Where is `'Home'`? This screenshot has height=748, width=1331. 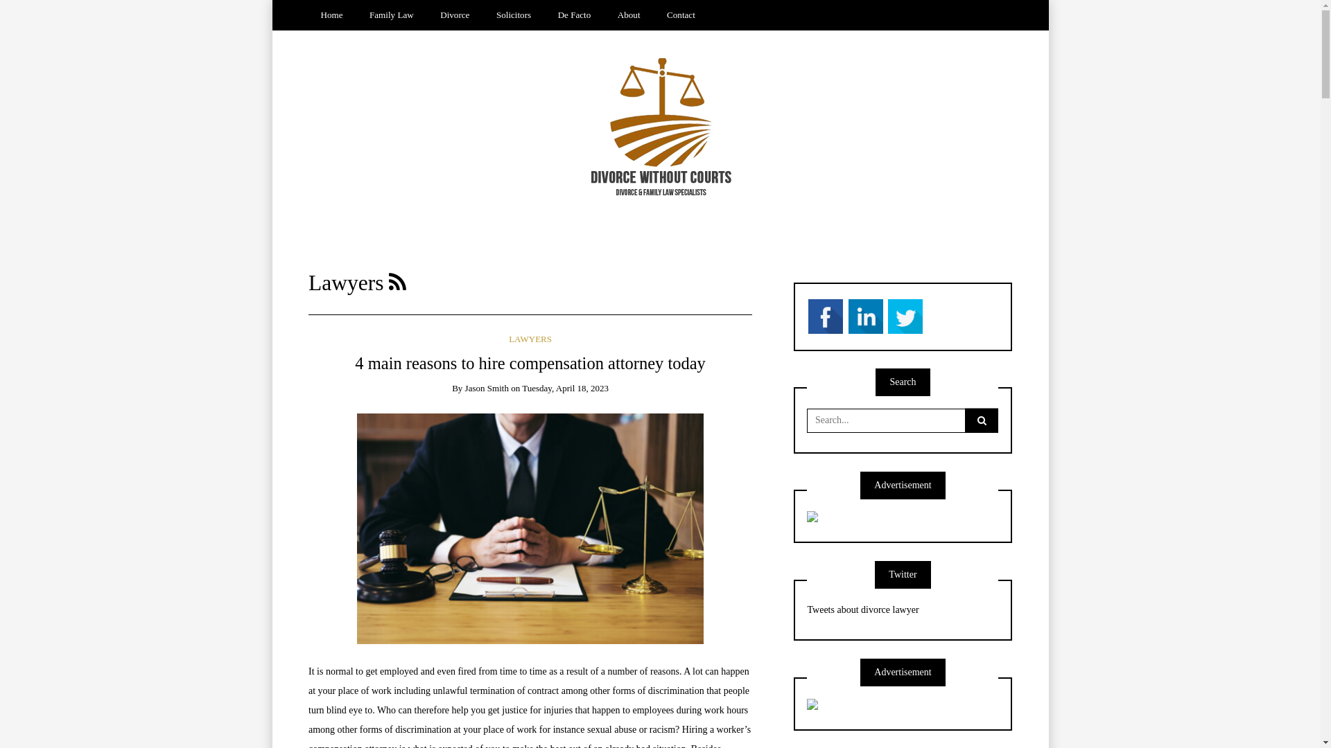
'Home' is located at coordinates (308, 15).